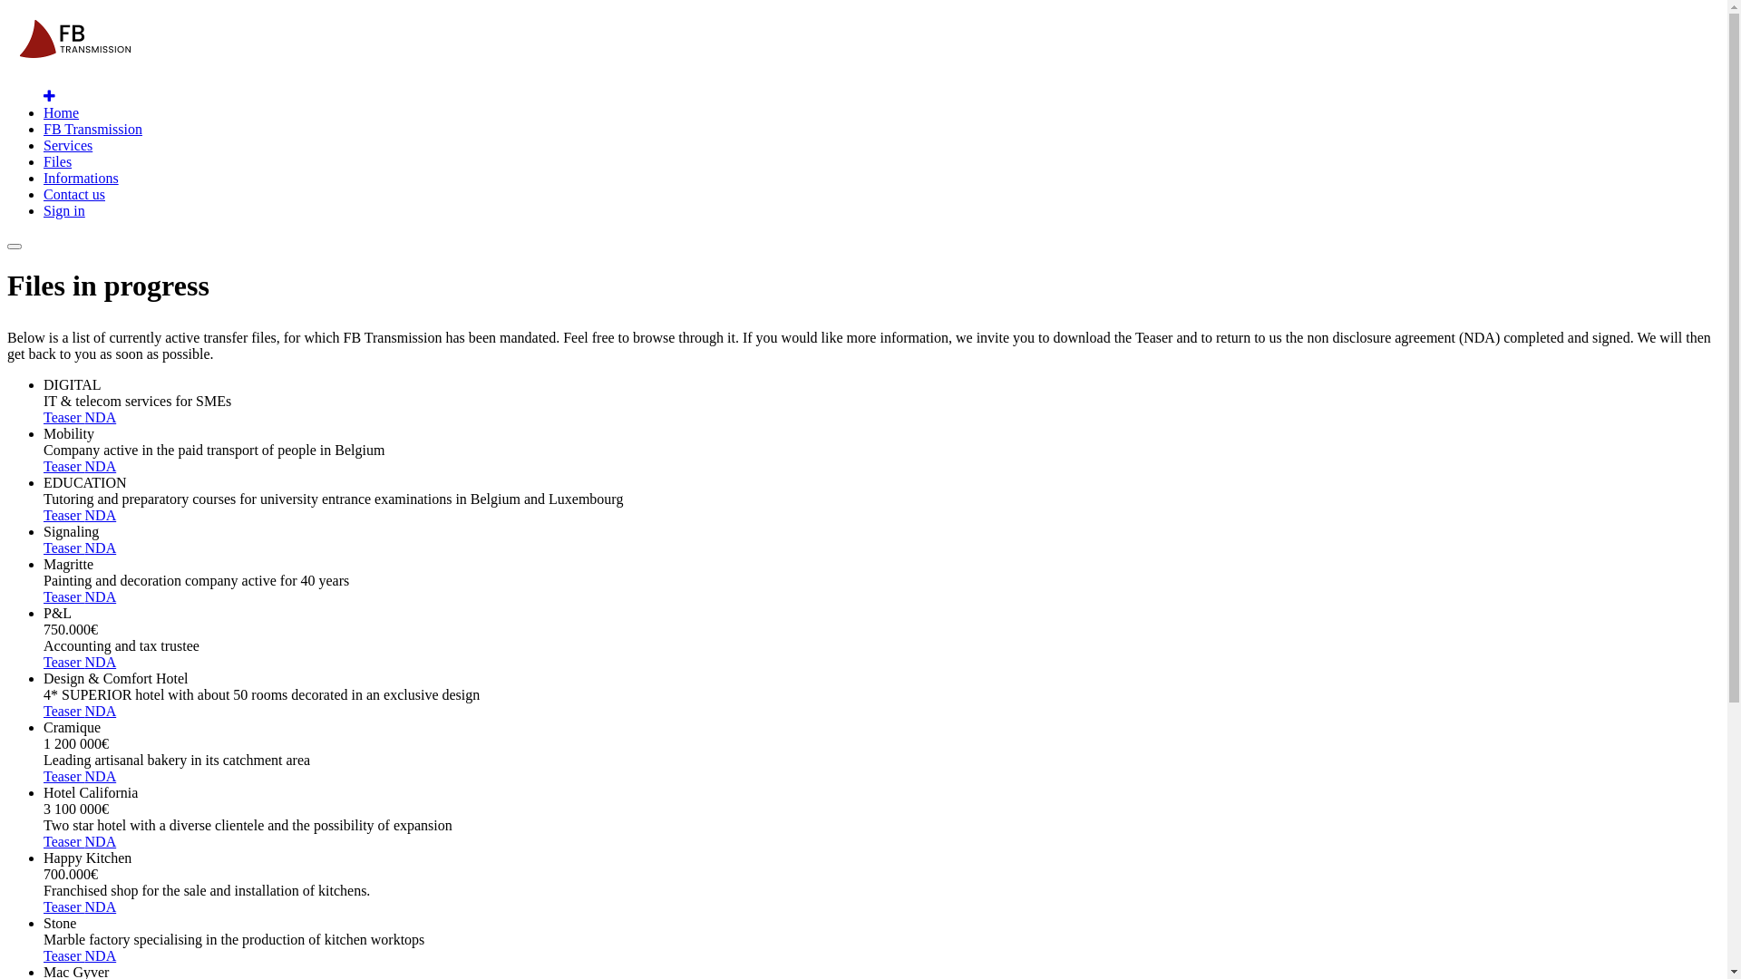  What do you see at coordinates (44, 465) in the screenshot?
I see `'Teaser'` at bounding box center [44, 465].